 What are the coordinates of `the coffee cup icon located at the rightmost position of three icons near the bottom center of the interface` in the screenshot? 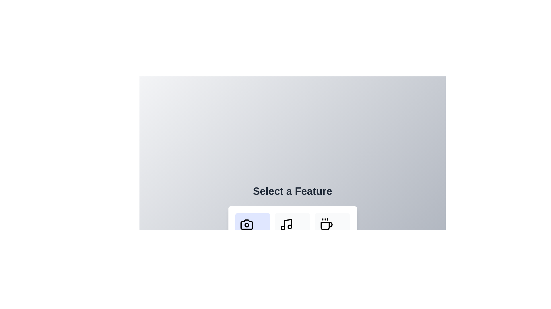 It's located at (326, 226).